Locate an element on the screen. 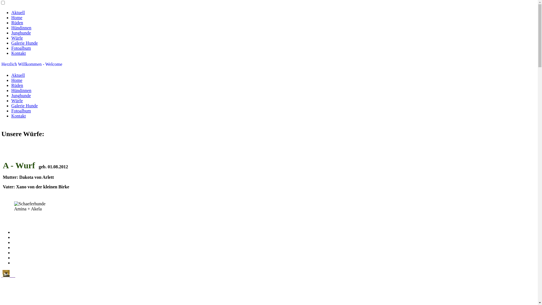  'Home' is located at coordinates (17, 80).